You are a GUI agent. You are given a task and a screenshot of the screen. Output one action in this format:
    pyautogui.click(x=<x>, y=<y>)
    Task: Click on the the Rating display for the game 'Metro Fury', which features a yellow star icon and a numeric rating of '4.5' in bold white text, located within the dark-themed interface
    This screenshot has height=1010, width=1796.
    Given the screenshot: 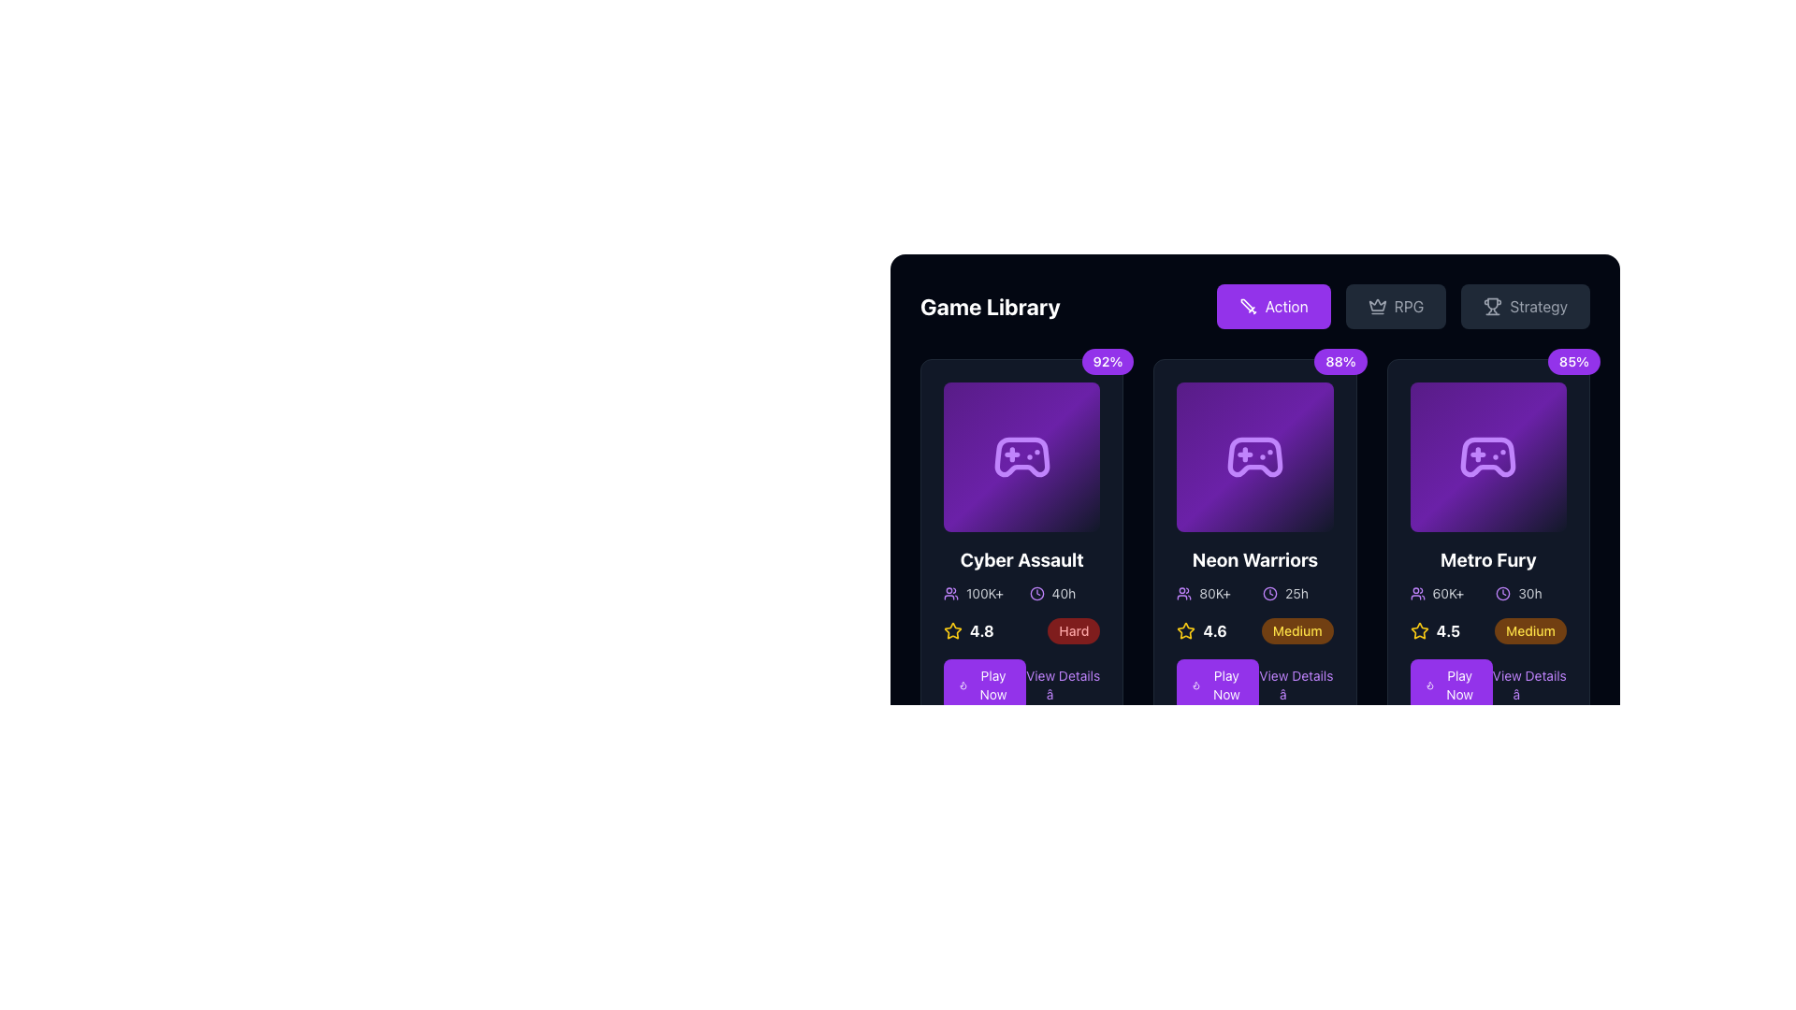 What is the action you would take?
    pyautogui.click(x=1434, y=631)
    